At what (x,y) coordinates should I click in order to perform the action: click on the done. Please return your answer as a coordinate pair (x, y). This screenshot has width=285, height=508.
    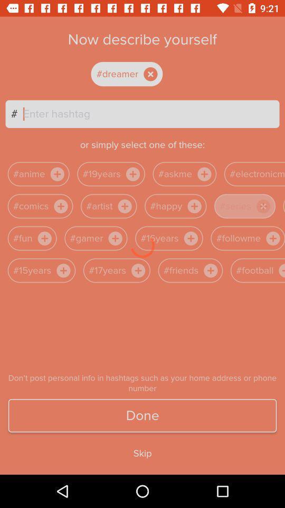
    Looking at the image, I should click on (142, 415).